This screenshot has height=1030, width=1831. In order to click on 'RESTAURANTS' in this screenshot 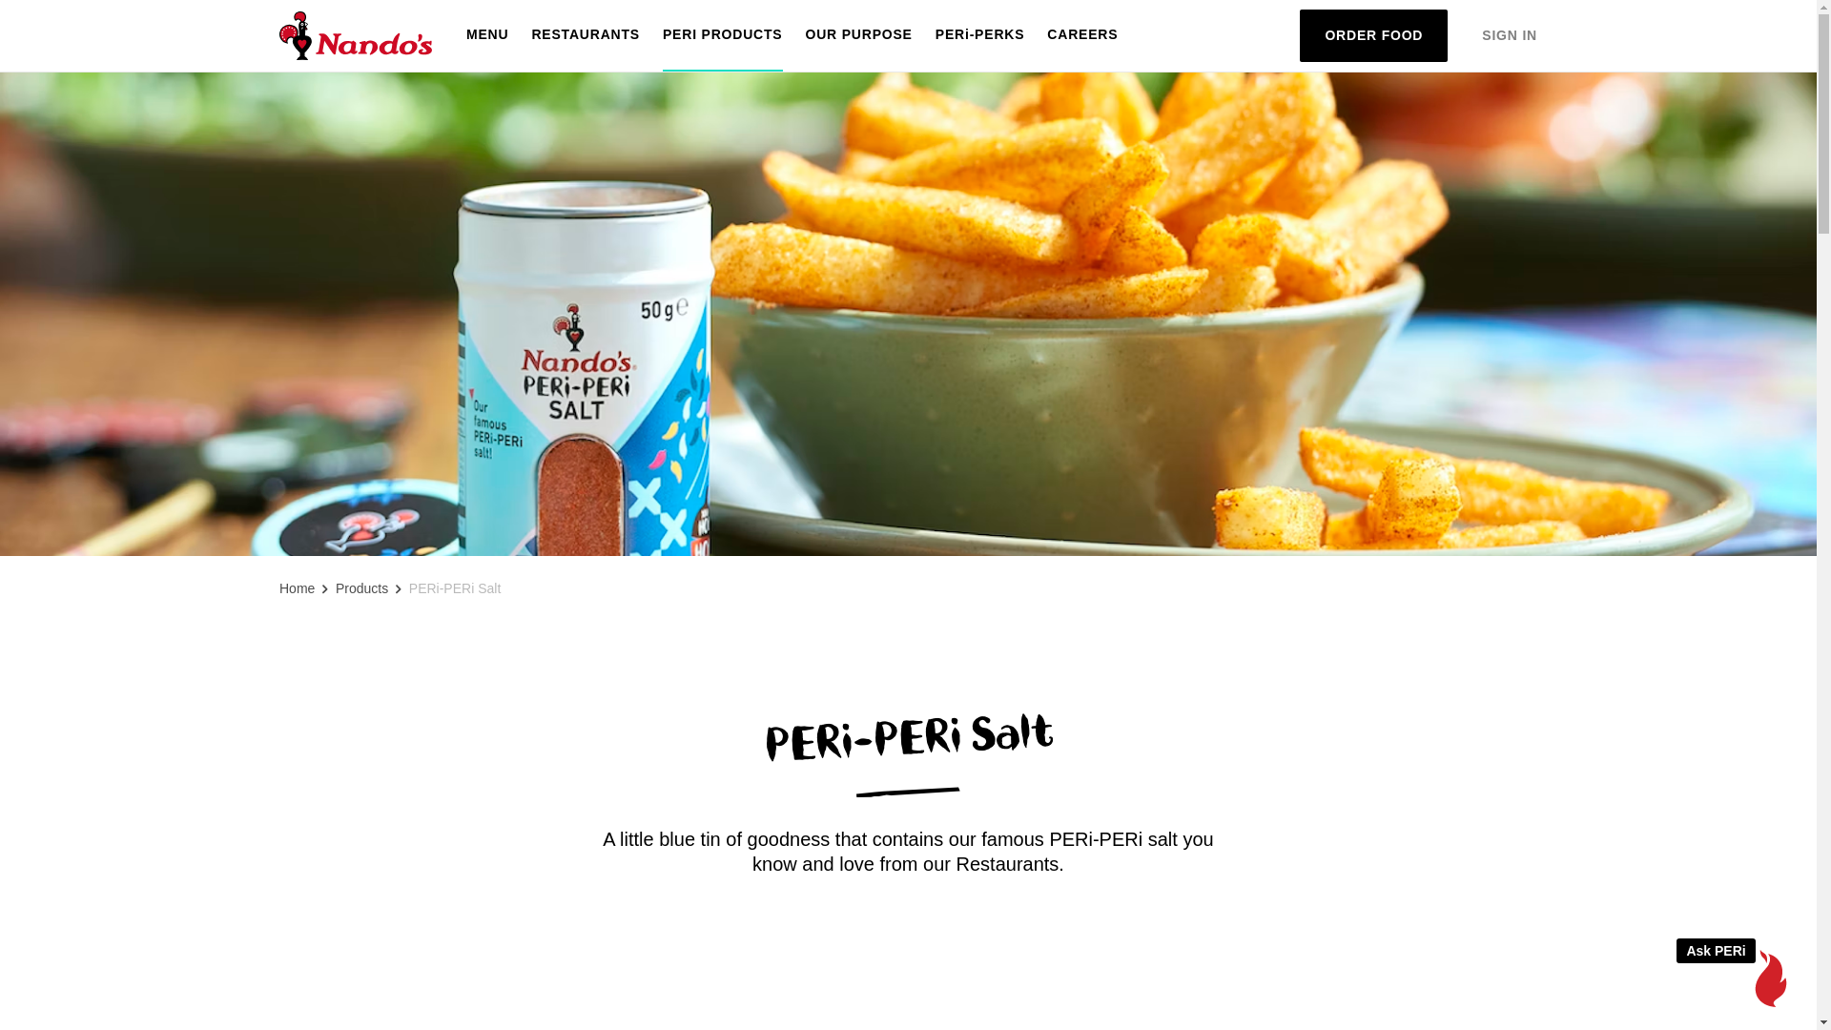, I will do `click(585, 35)`.